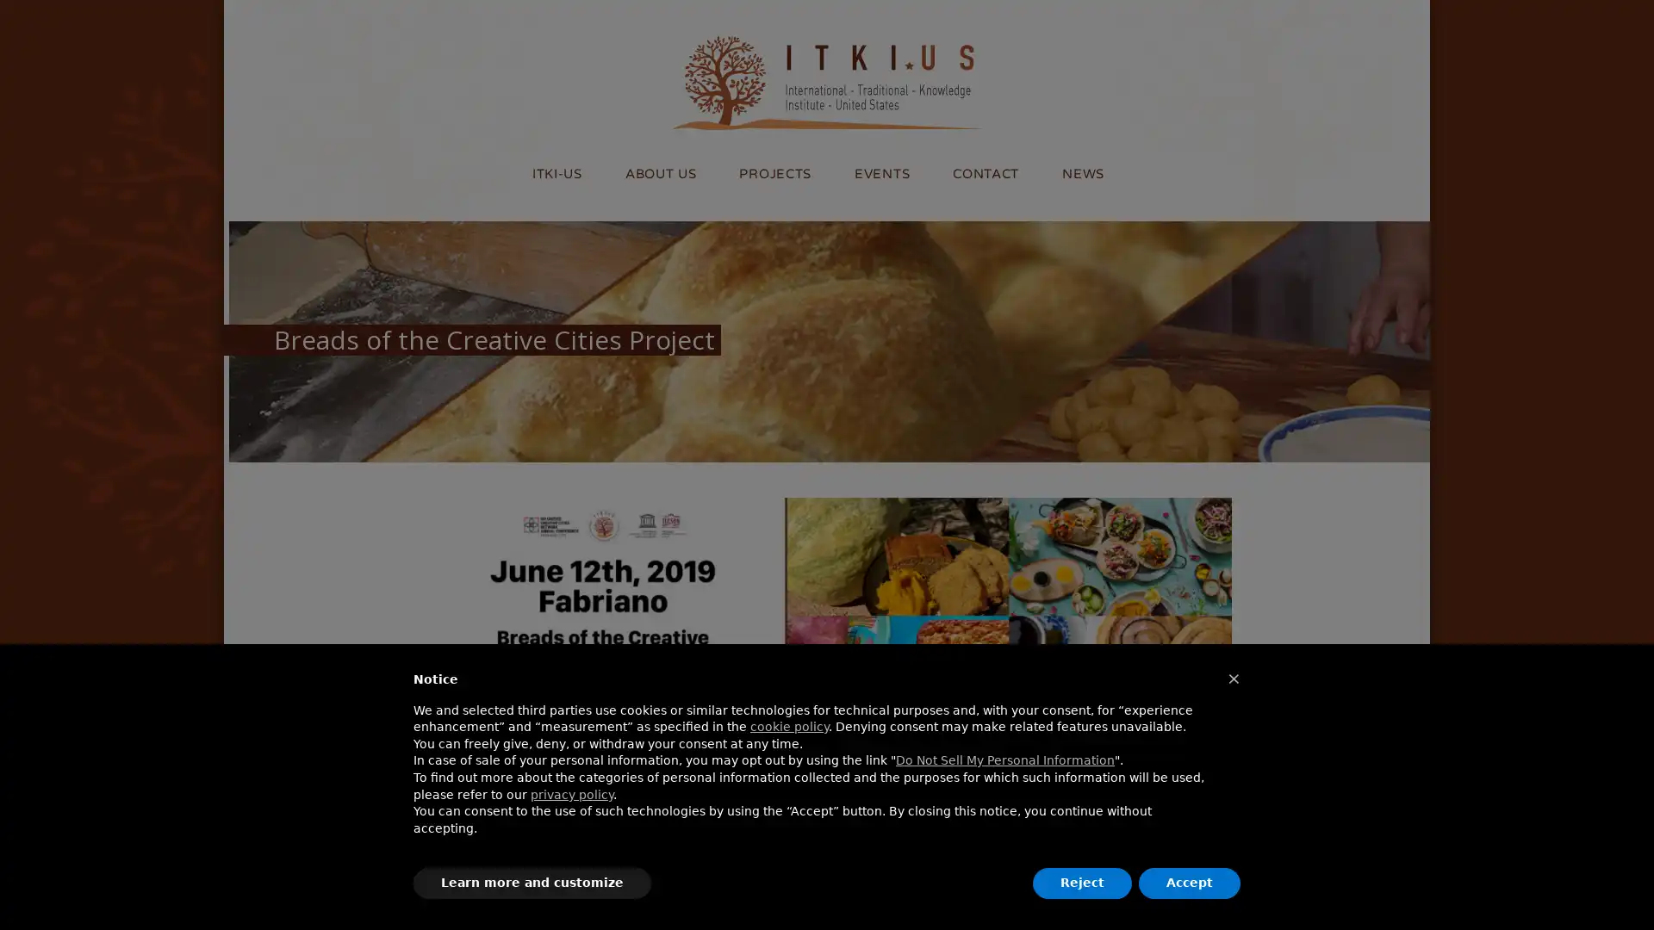 The width and height of the screenshot is (1654, 930). What do you see at coordinates (1189, 883) in the screenshot?
I see `Accept` at bounding box center [1189, 883].